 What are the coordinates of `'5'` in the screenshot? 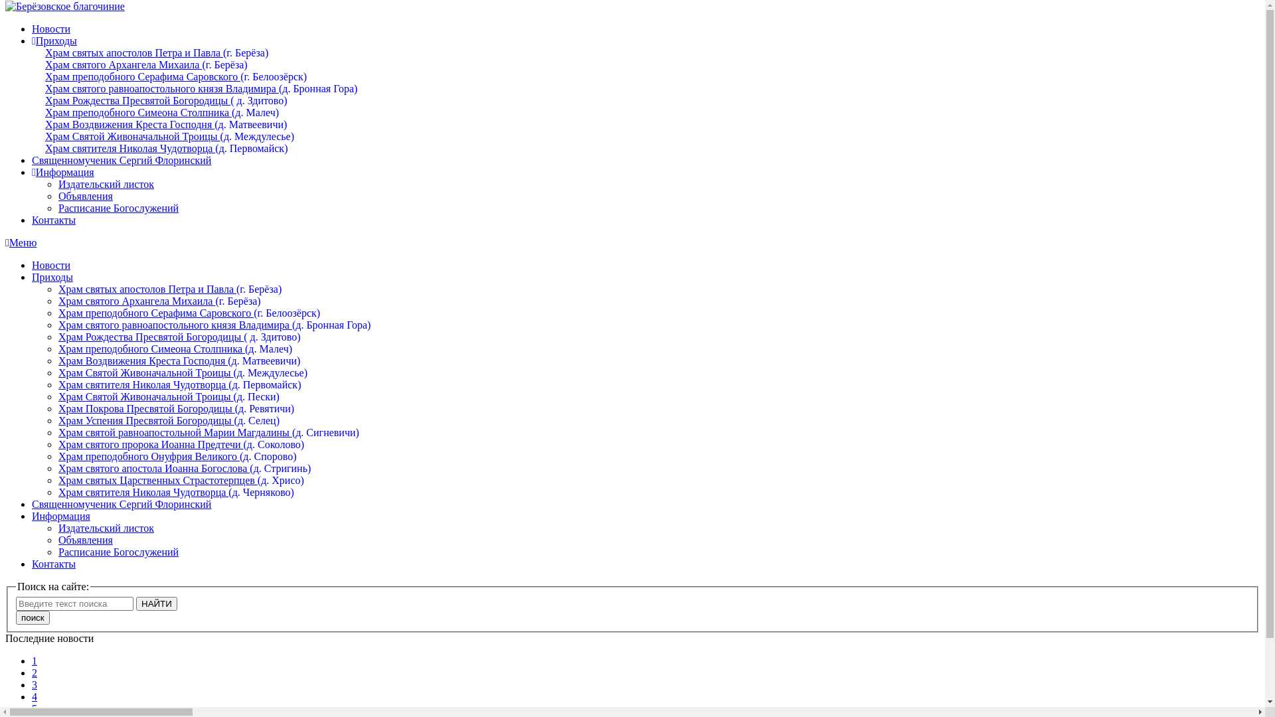 It's located at (35, 708).